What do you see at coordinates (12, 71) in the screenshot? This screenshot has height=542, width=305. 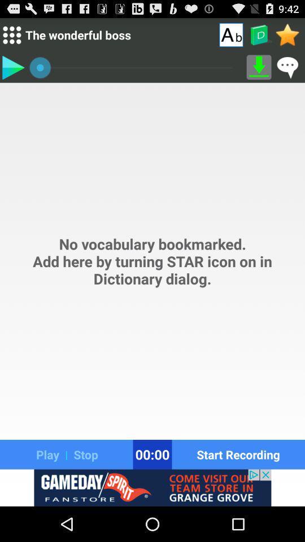 I see `the play icon` at bounding box center [12, 71].